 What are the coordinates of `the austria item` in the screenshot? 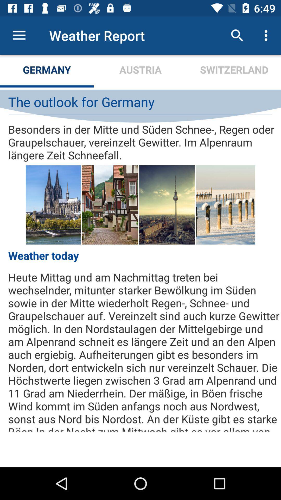 It's located at (140, 71).